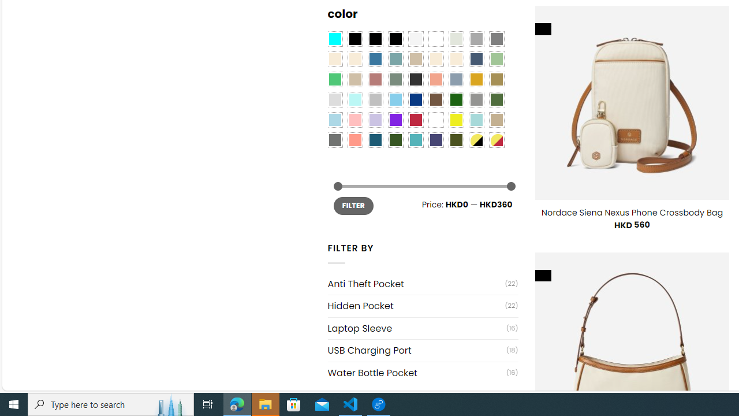 This screenshot has width=739, height=416. I want to click on 'Light Taupe', so click(354, 79).